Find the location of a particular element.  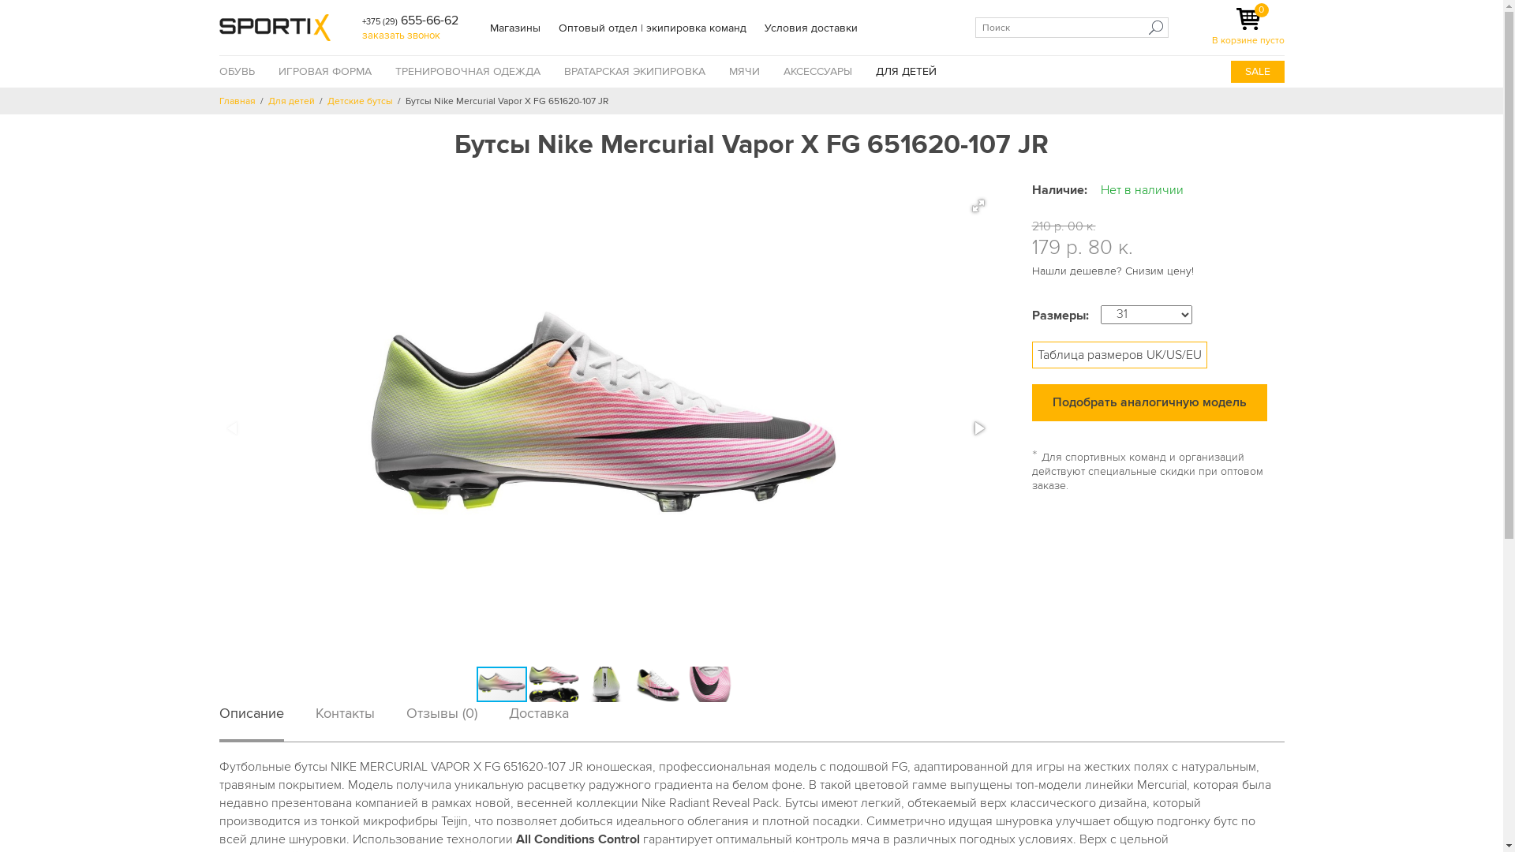

'Nike Mercurial Vapor X FG 651620-107 JR.jpg' is located at coordinates (553, 683).